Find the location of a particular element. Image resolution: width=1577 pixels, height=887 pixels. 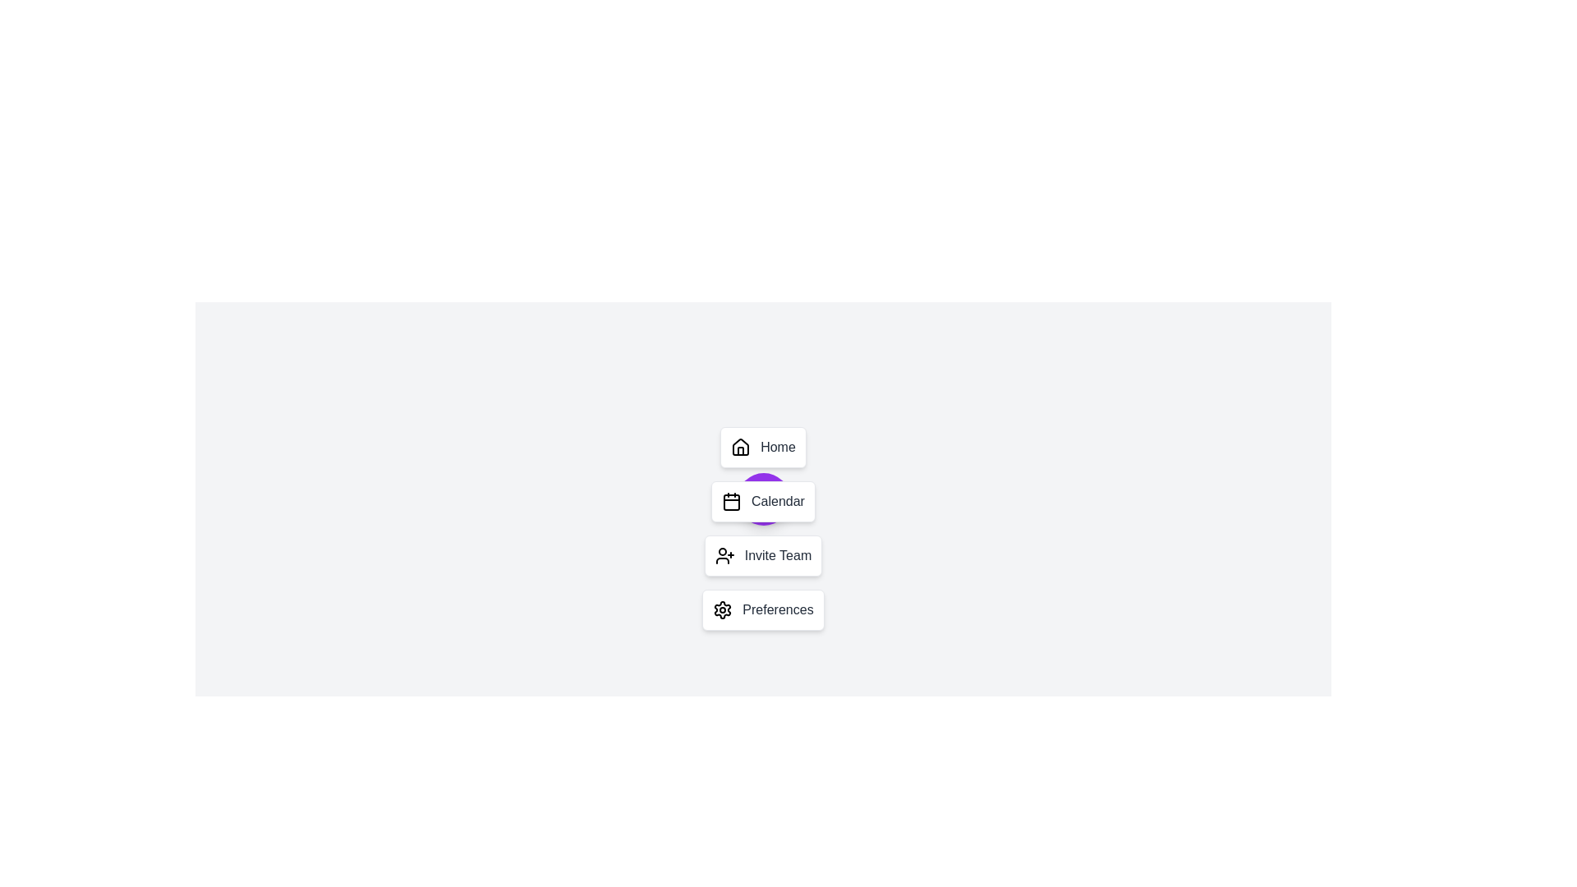

the 'Calendar' text label located in the second row of the sidebar menu, positioned to the right of the calendar icon is located at coordinates (777, 500).